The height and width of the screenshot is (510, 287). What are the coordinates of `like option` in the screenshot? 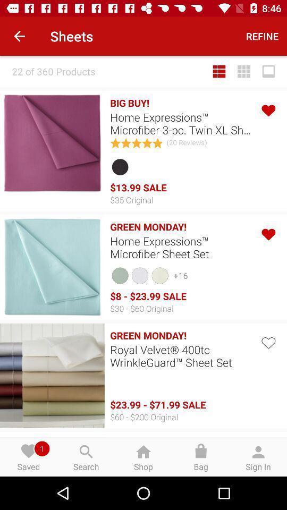 It's located at (267, 109).